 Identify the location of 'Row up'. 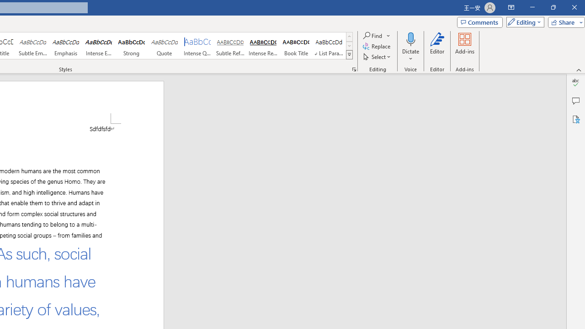
(349, 36).